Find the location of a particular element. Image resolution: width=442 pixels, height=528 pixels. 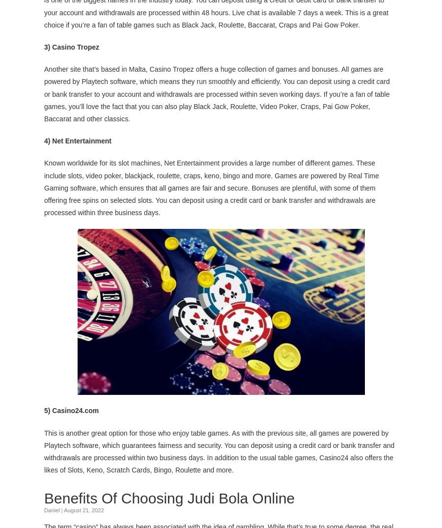

'3) Casino Tropez' is located at coordinates (71, 46).